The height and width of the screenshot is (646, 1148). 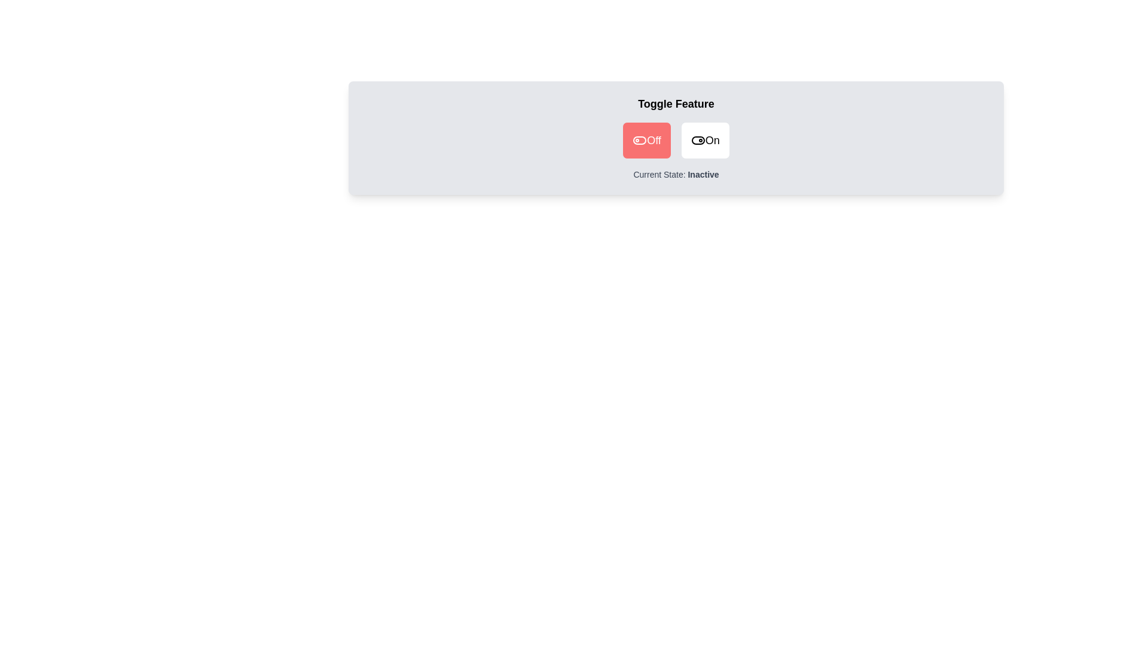 I want to click on the 'On' button to toggle the switch to 'On', so click(x=705, y=140).